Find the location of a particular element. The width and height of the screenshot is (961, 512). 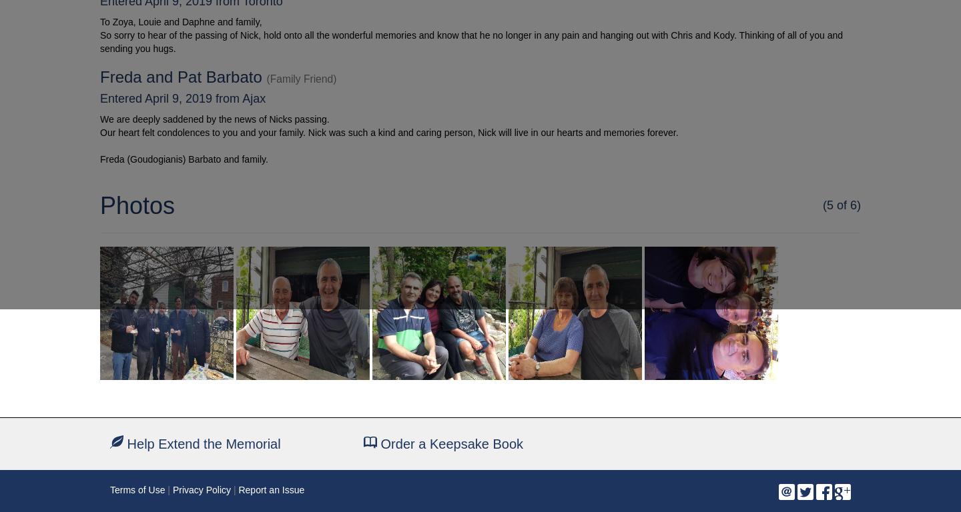

'Photos' is located at coordinates (140, 205).